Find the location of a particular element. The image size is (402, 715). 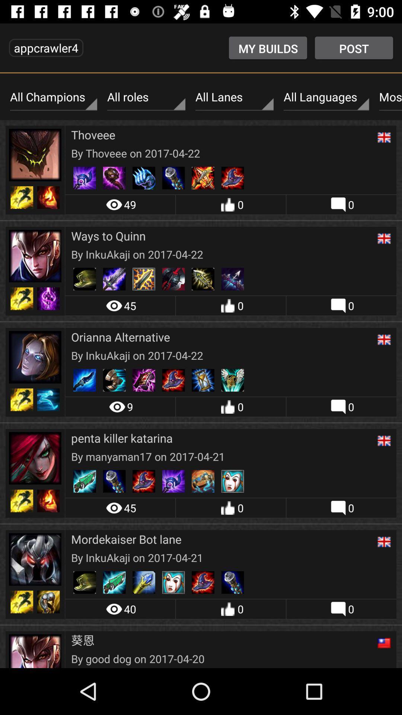

item above the thoveee icon is located at coordinates (234, 97).